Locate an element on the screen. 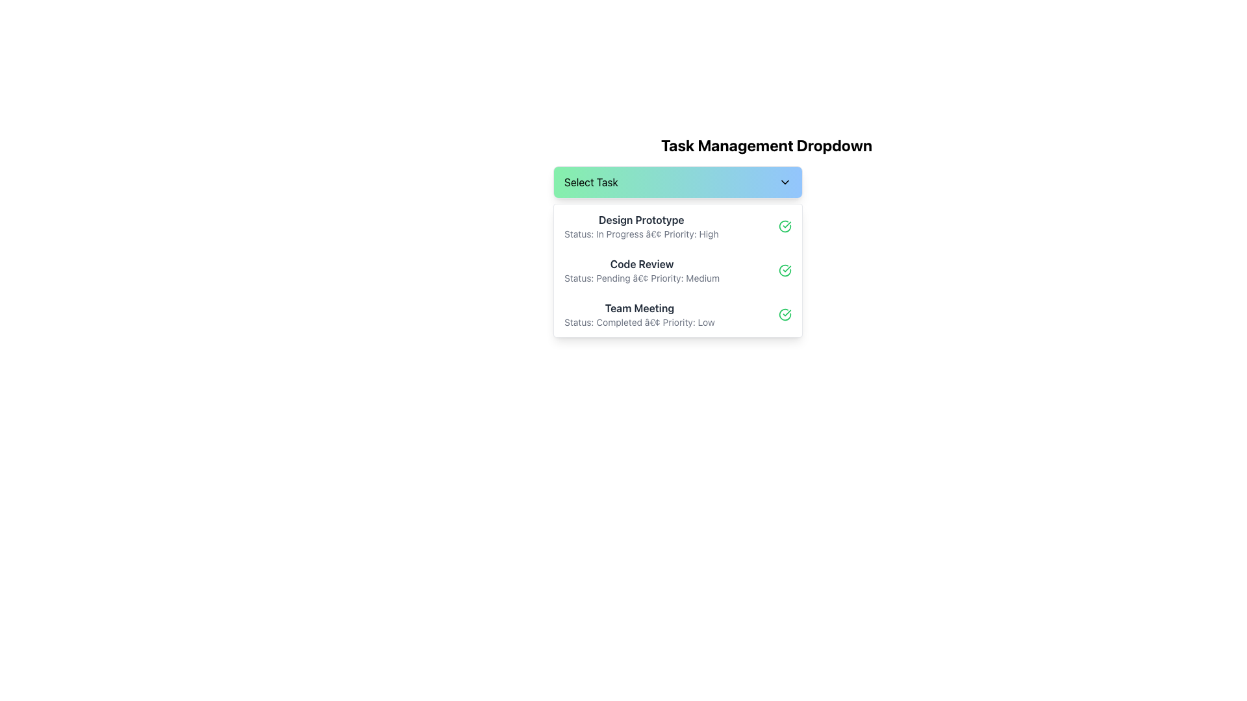 The height and width of the screenshot is (701, 1247). the green circular icon with a white checkmark, located in the rightmost section of the 'Team Meeting' row, adjacent to the text 'Status: Completed • Priority: Low' is located at coordinates (785, 315).